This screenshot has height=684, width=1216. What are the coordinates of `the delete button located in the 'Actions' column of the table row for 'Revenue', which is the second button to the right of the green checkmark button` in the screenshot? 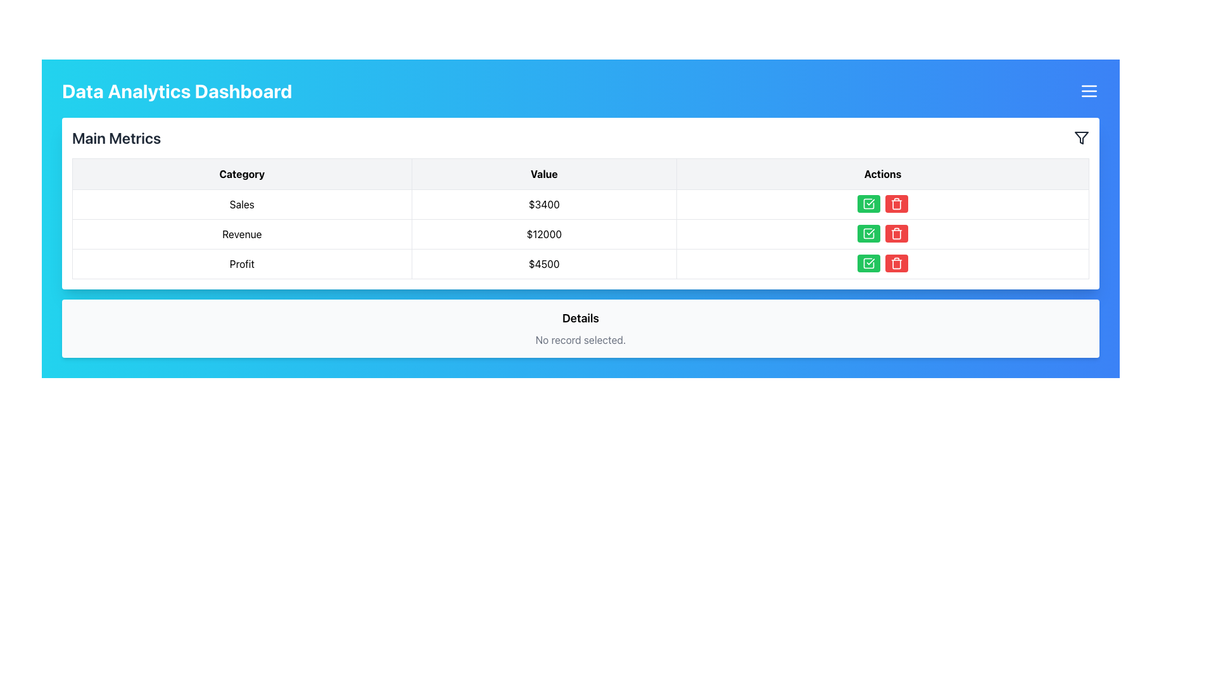 It's located at (896, 234).